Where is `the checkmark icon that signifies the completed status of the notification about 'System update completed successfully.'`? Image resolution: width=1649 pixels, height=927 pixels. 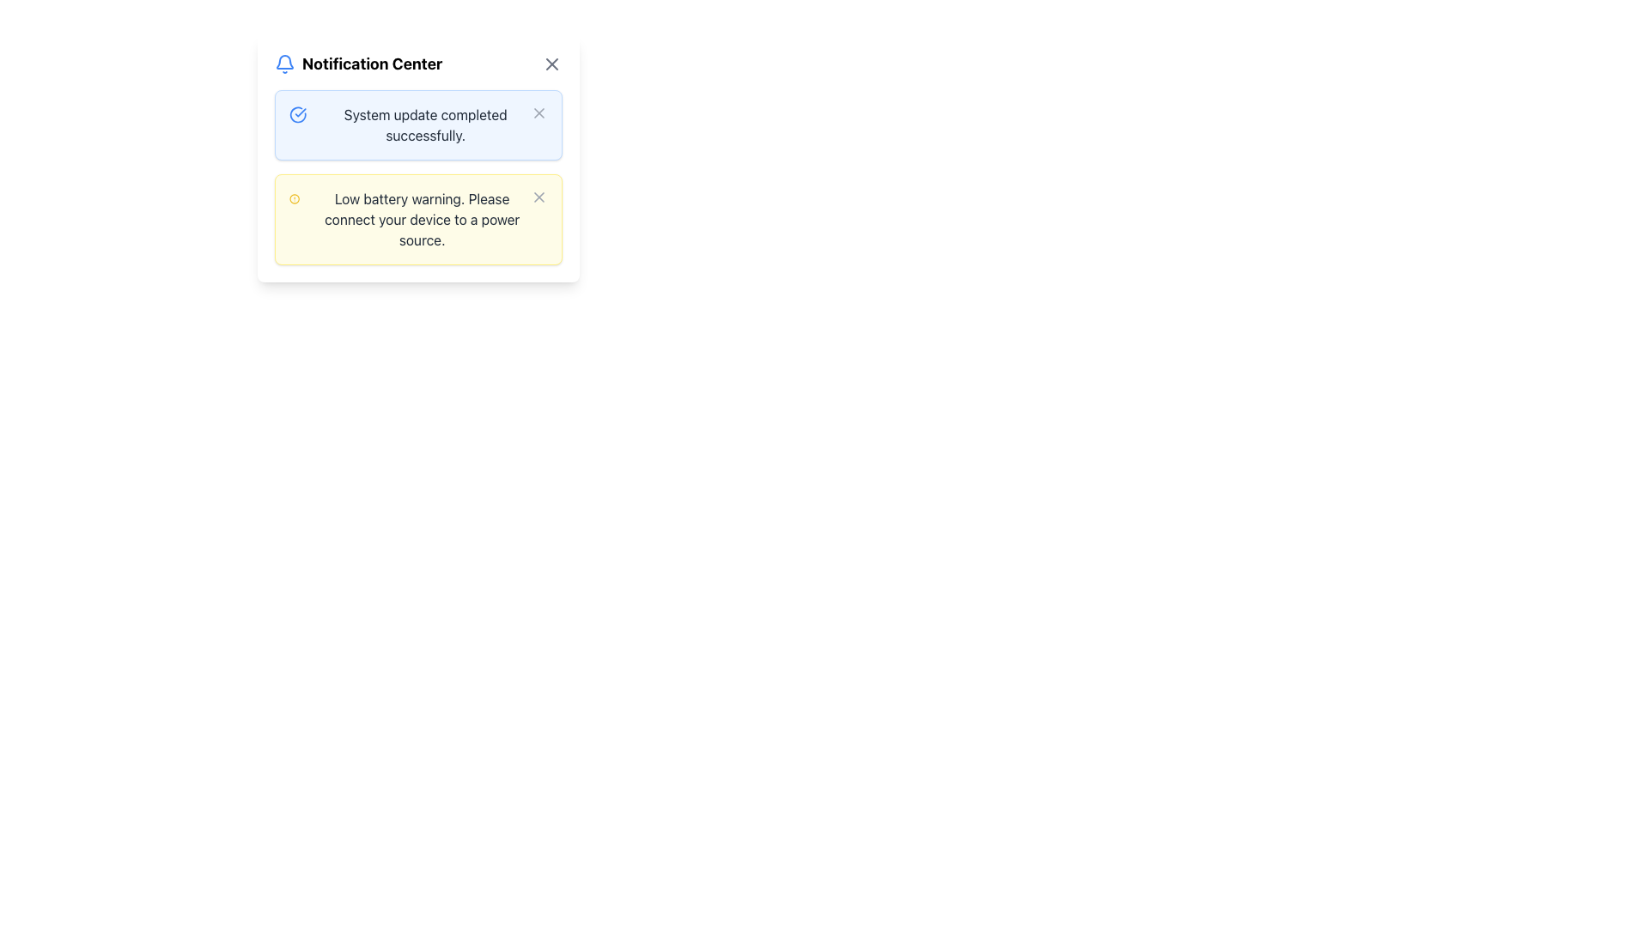 the checkmark icon that signifies the completed status of the notification about 'System update completed successfully.' is located at coordinates (301, 112).